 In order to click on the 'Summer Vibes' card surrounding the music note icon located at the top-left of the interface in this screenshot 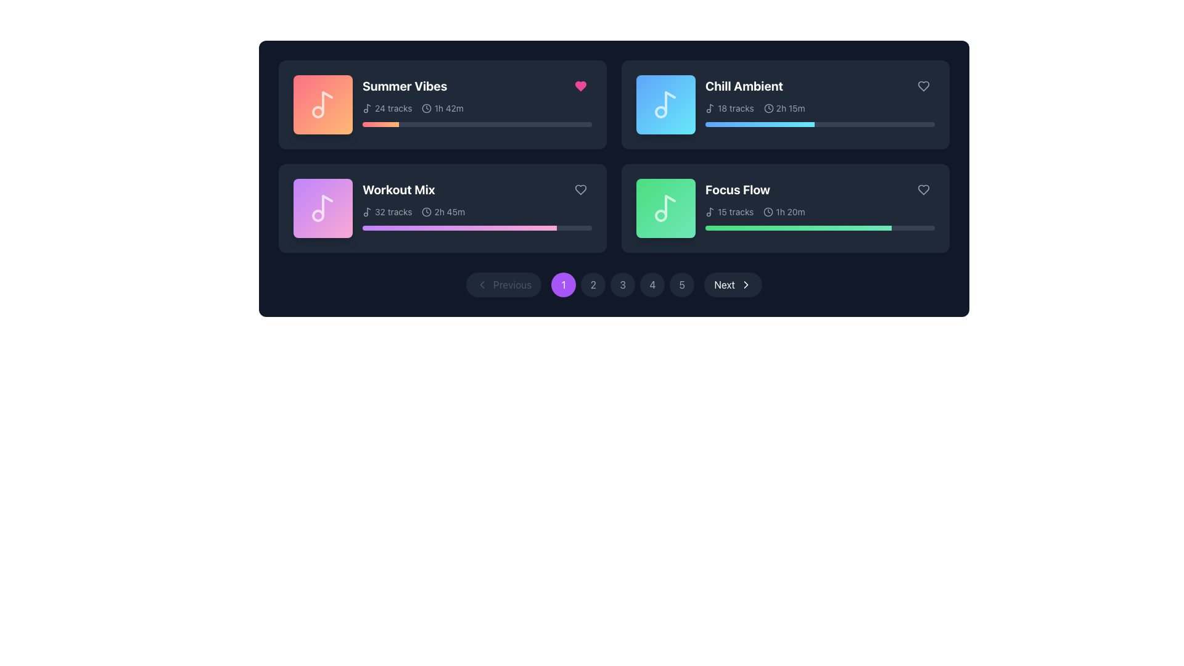, I will do `click(327, 101)`.